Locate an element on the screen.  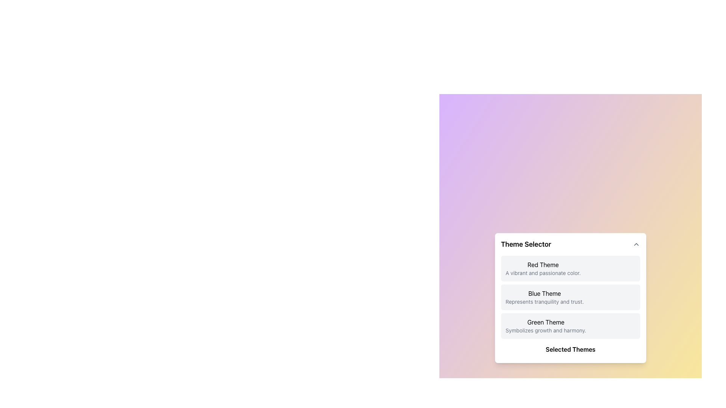
the Text Label providing descriptive information about the 'Blue Theme', located directly below the 'Blue Theme' heading is located at coordinates (544, 301).